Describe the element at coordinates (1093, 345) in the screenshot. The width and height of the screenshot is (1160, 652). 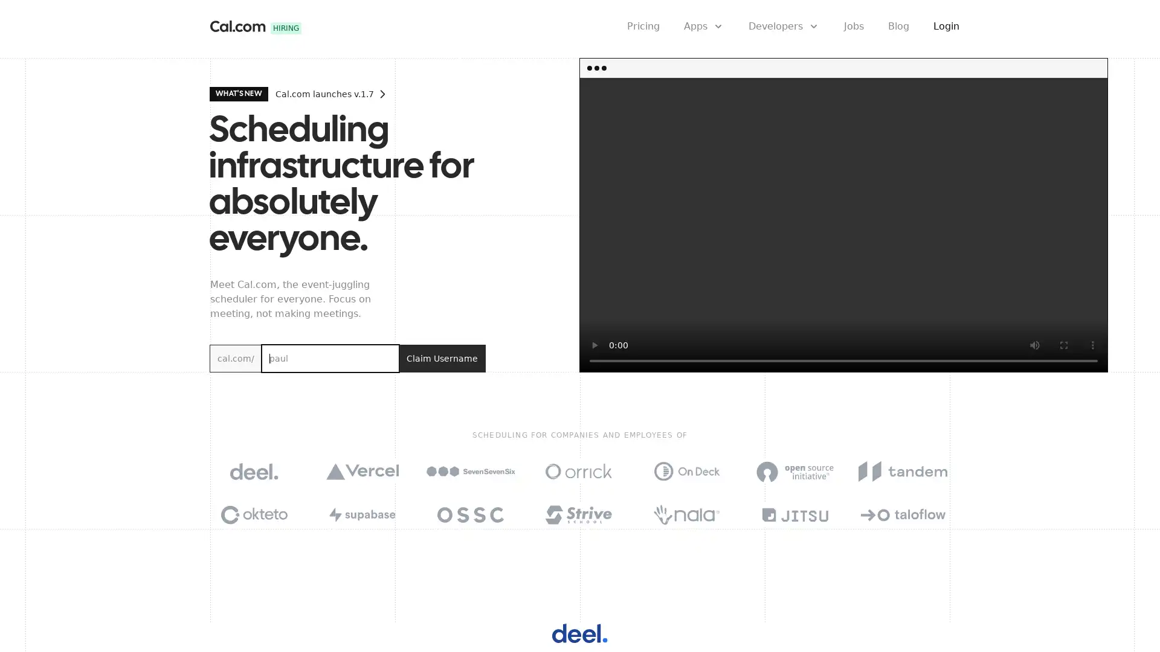
I see `show more media controls` at that location.